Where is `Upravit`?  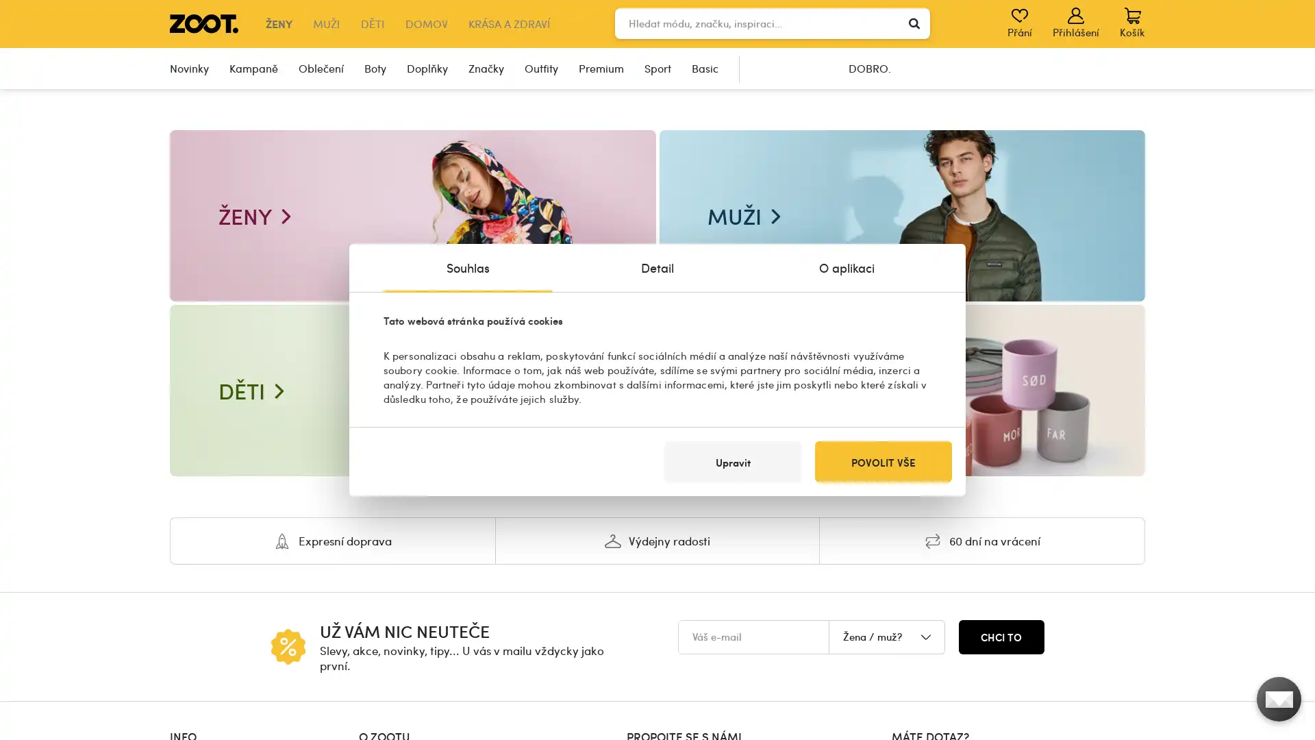
Upravit is located at coordinates (732, 462).